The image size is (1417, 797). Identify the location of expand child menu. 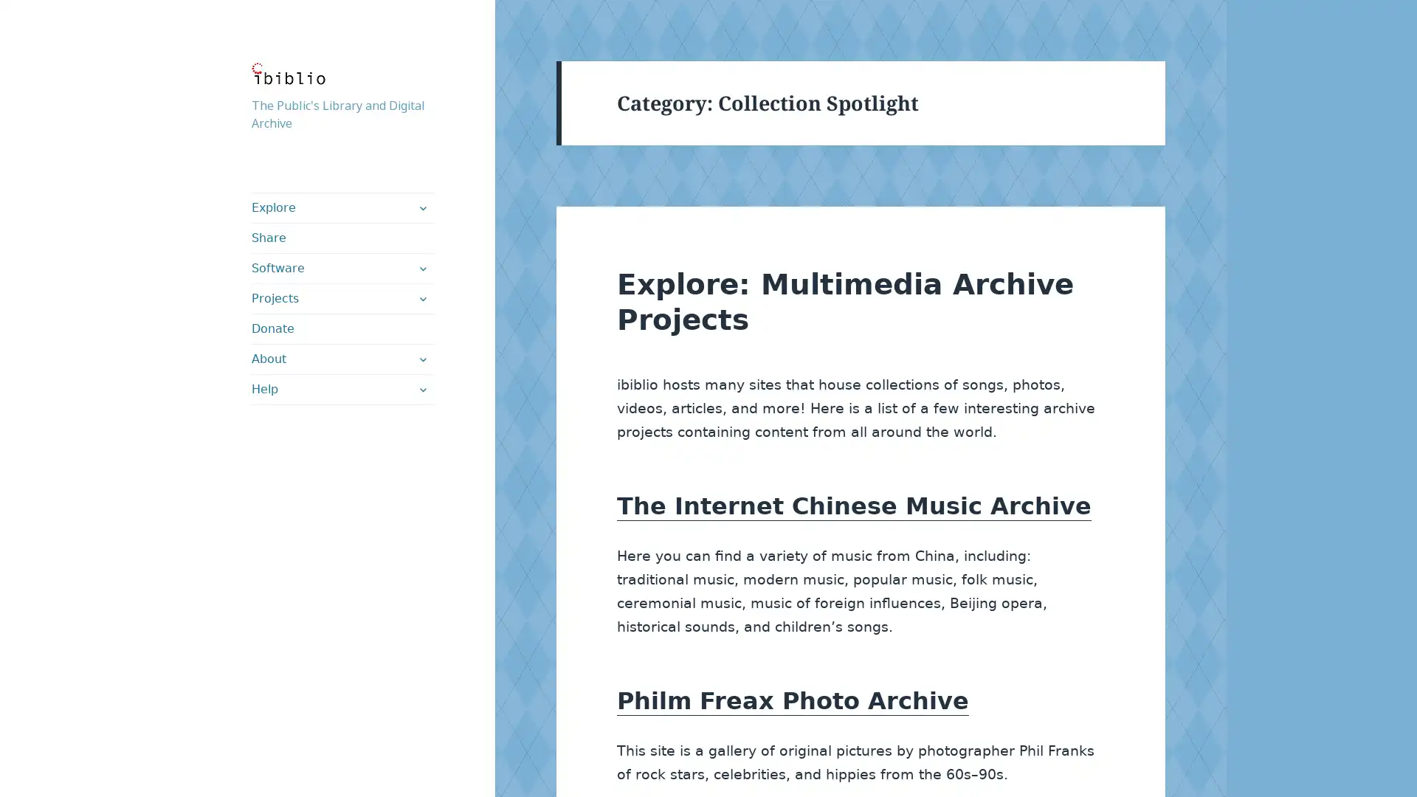
(421, 359).